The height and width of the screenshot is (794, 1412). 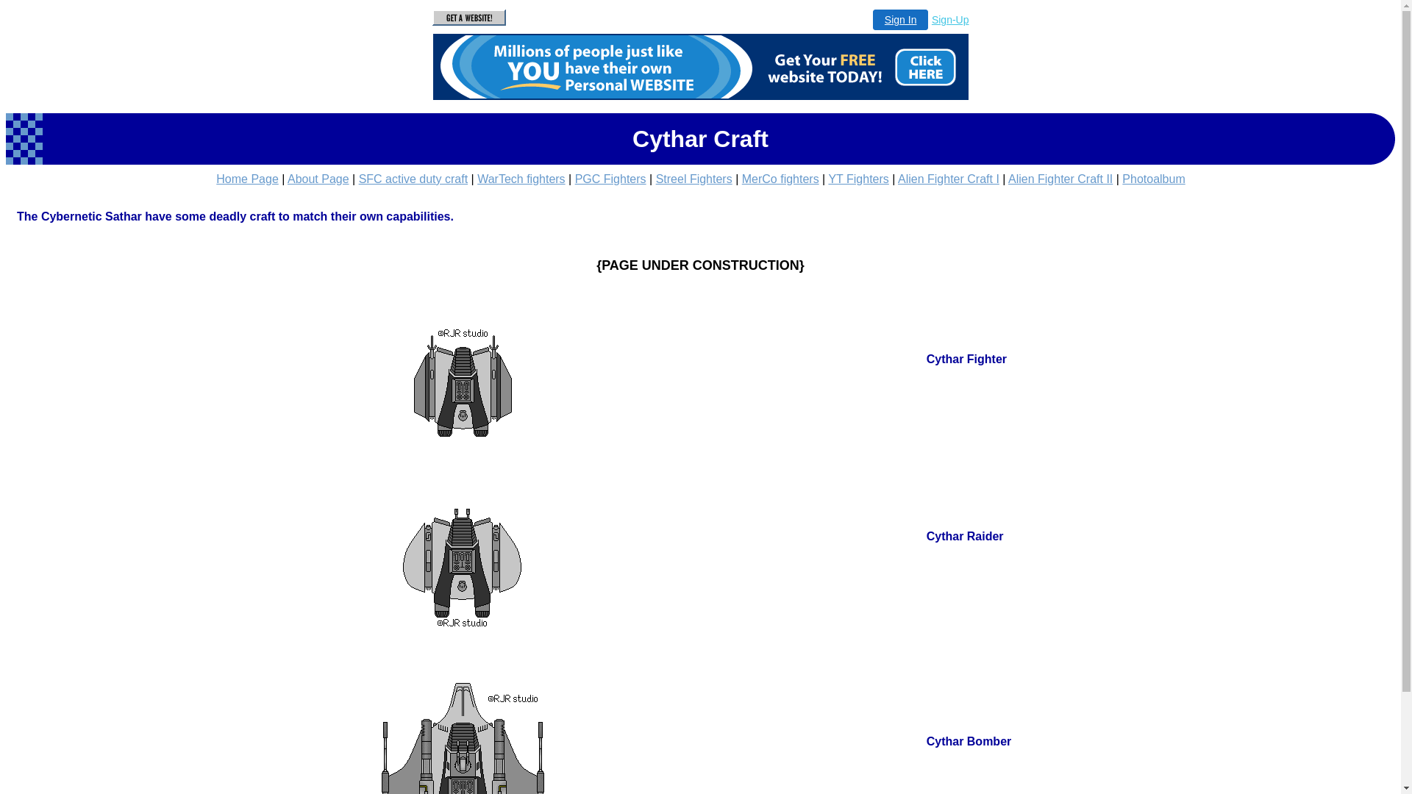 What do you see at coordinates (413, 178) in the screenshot?
I see `'SFC active duty craft'` at bounding box center [413, 178].